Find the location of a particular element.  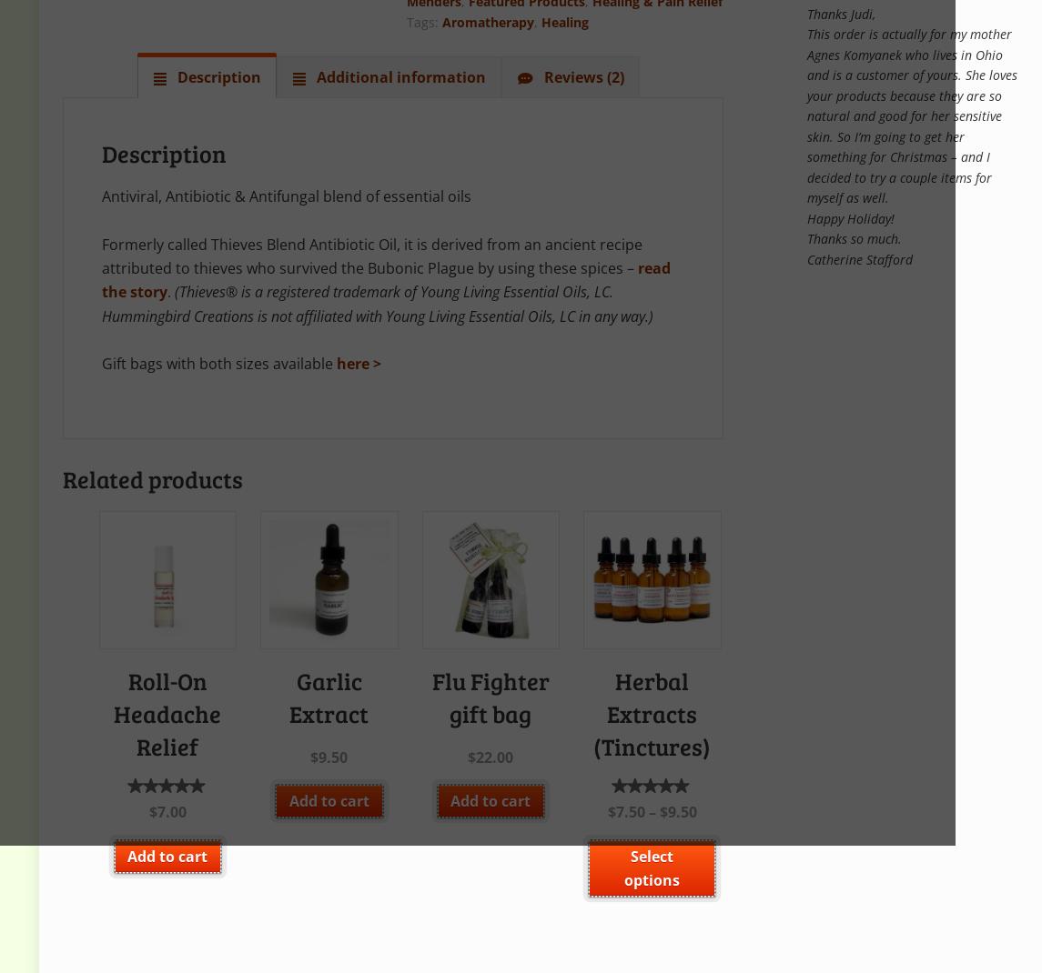

'Thanks Judi,' is located at coordinates (841, 12).